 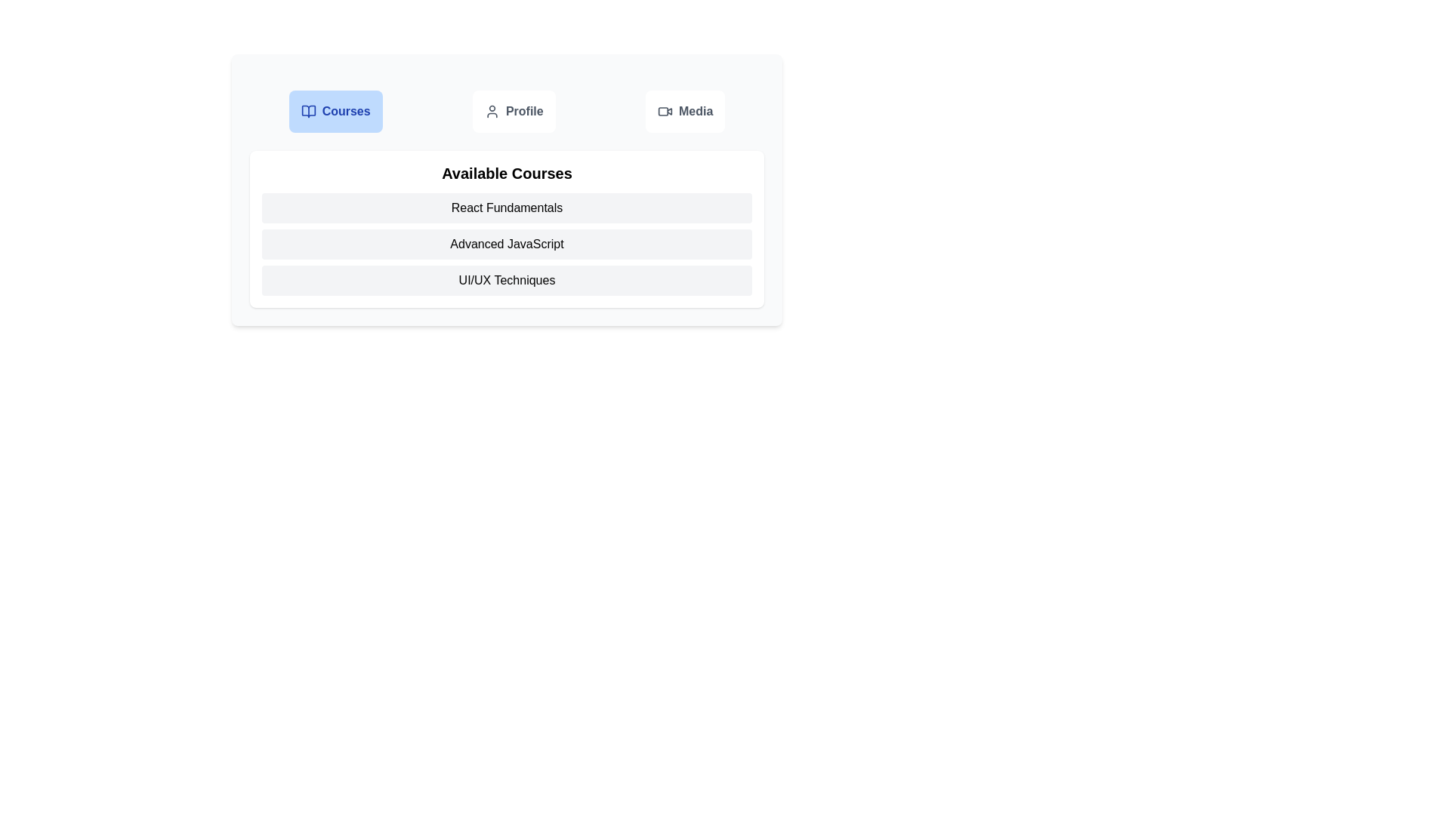 I want to click on the 'Media' button, which is the third button in a horizontal row of buttons located in the upper section of the interface, so click(x=684, y=110).